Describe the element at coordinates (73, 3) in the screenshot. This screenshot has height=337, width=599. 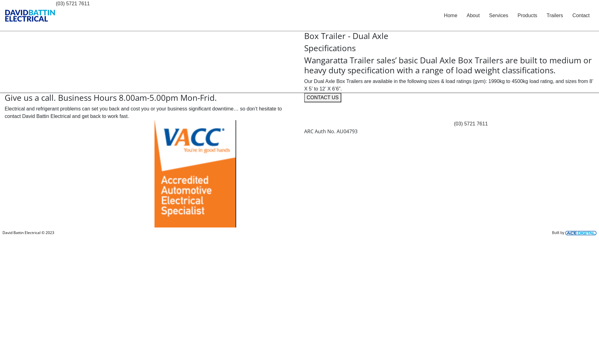
I see `'(03) 5721 7611'` at that location.